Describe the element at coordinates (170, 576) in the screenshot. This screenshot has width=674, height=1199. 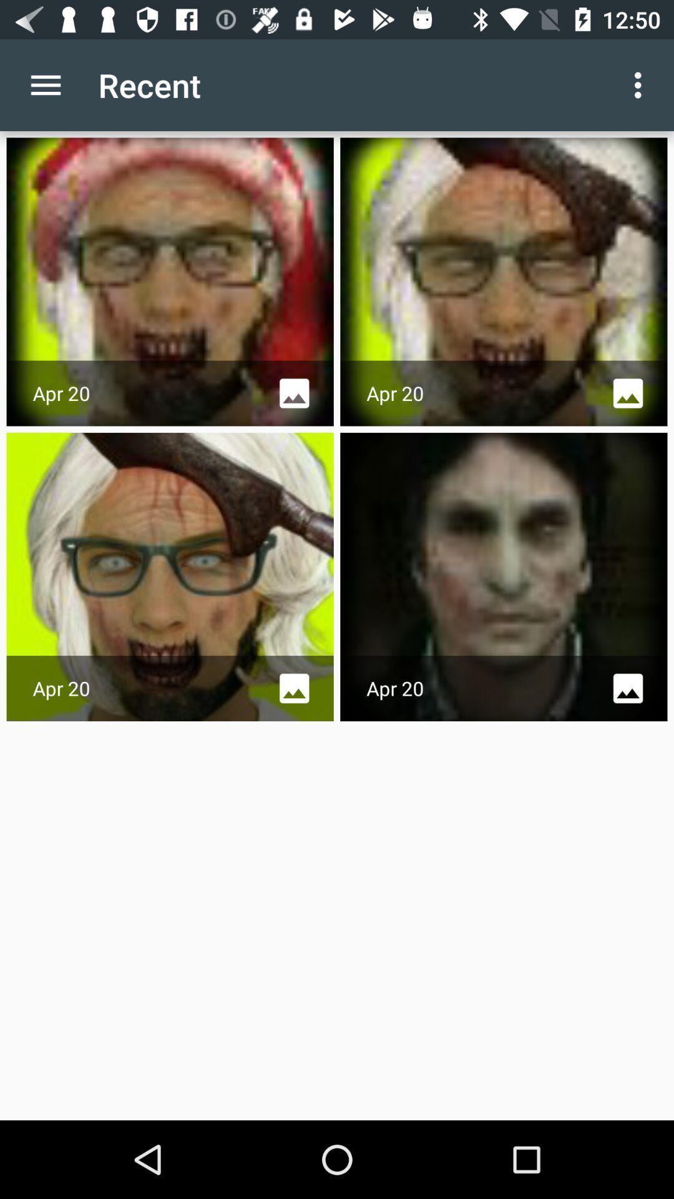
I see `the image which is placed bottom left corner` at that location.